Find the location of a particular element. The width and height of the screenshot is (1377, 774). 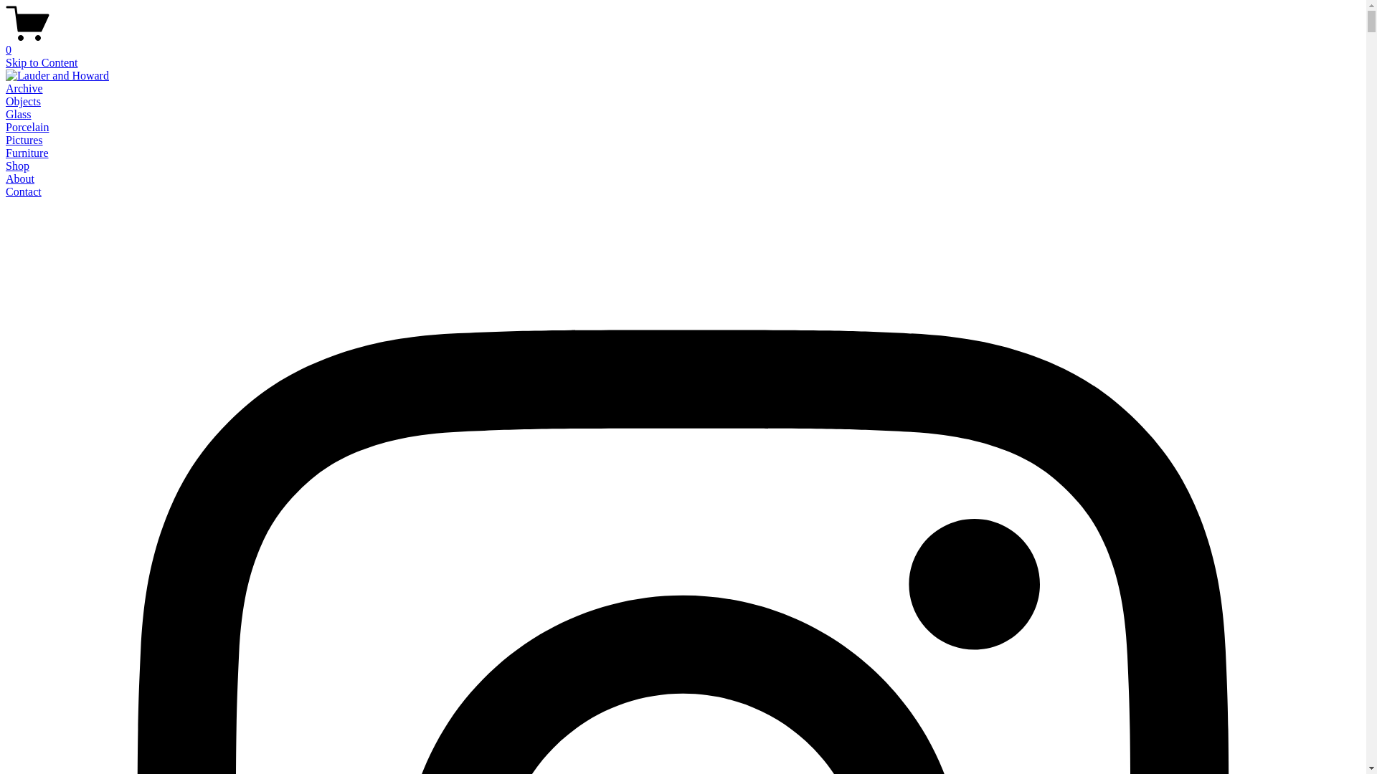

'Archive' is located at coordinates (24, 88).